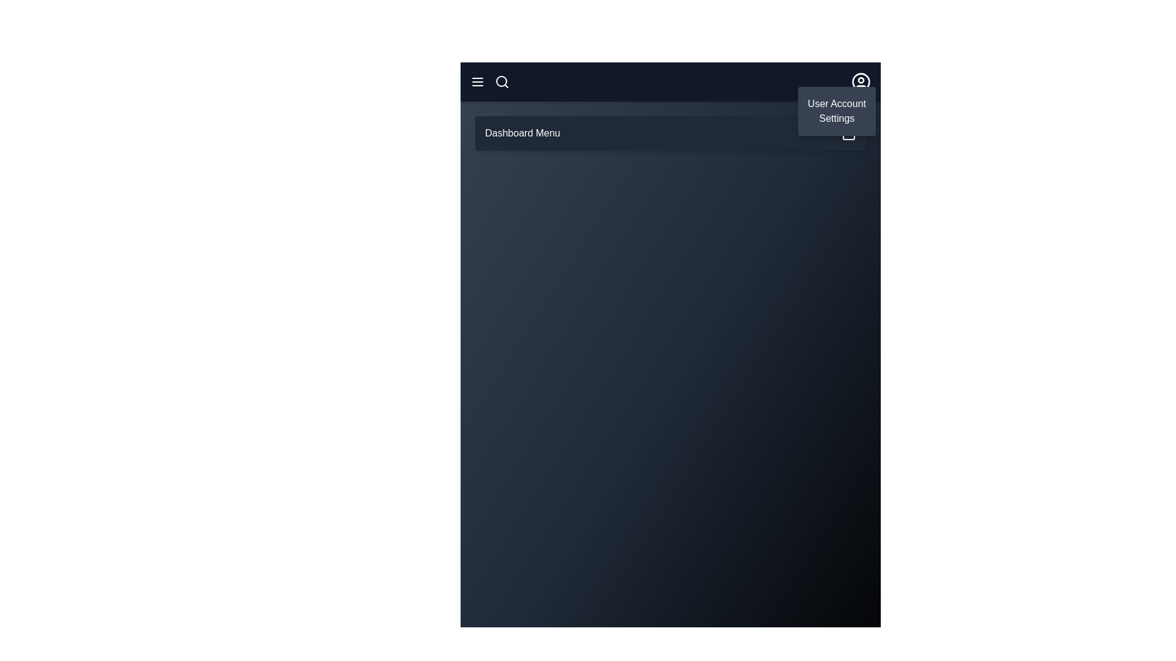 This screenshot has height=661, width=1176. I want to click on the User Account option in the user dropdown menu, so click(836, 103).